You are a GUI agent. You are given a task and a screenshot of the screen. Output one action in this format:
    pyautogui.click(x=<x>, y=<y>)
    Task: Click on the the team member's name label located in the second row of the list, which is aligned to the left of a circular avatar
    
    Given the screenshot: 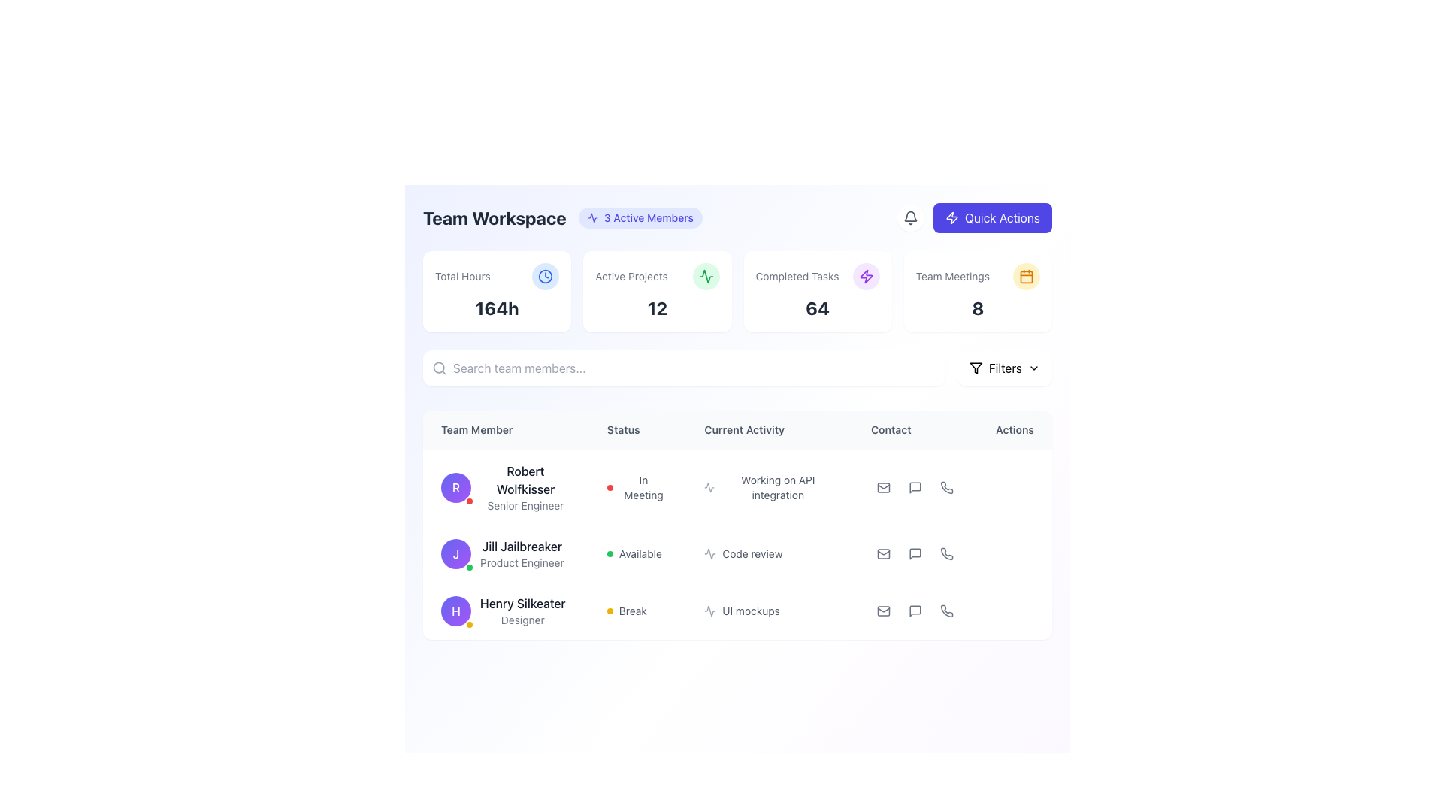 What is the action you would take?
    pyautogui.click(x=522, y=546)
    